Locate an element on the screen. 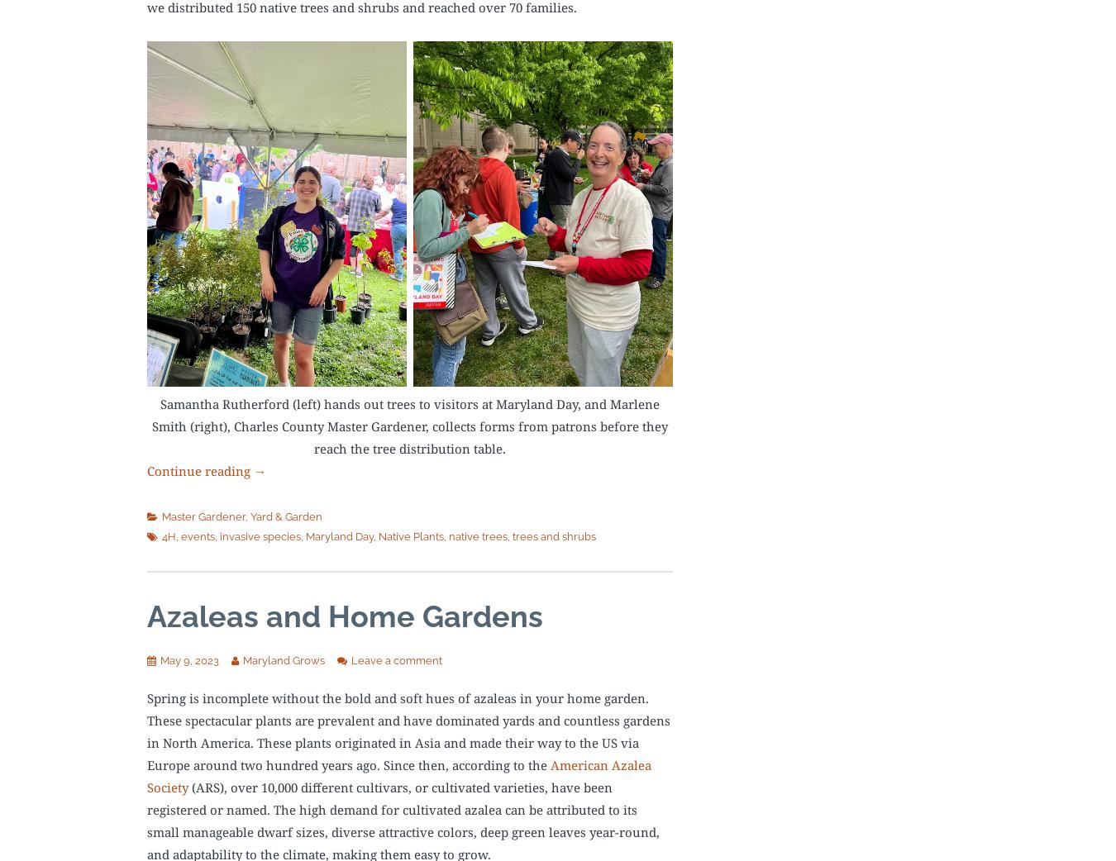 Image resolution: width=1116 pixels, height=861 pixels. 'Azaleas and Home Gardens' is located at coordinates (345, 615).